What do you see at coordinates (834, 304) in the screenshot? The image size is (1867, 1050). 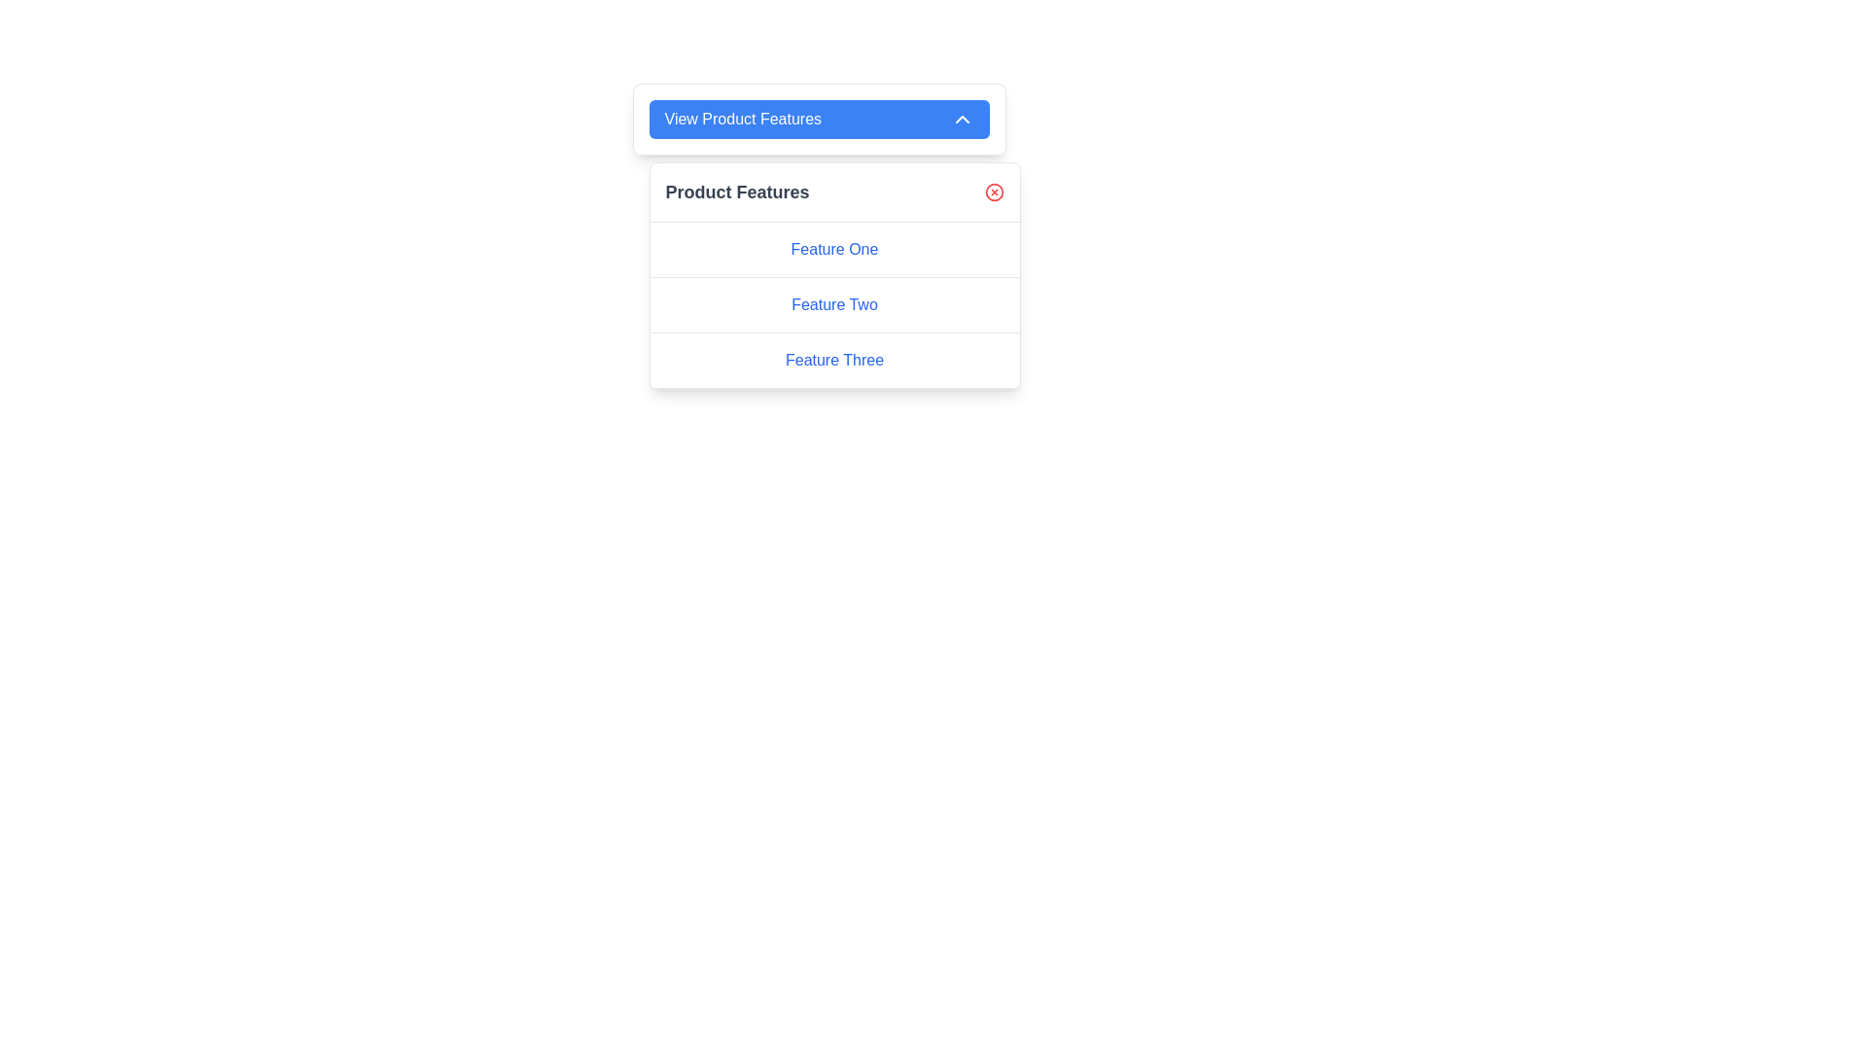 I see `the second selectable item in the 'Product Features' dropdown menu to focus on it` at bounding box center [834, 304].